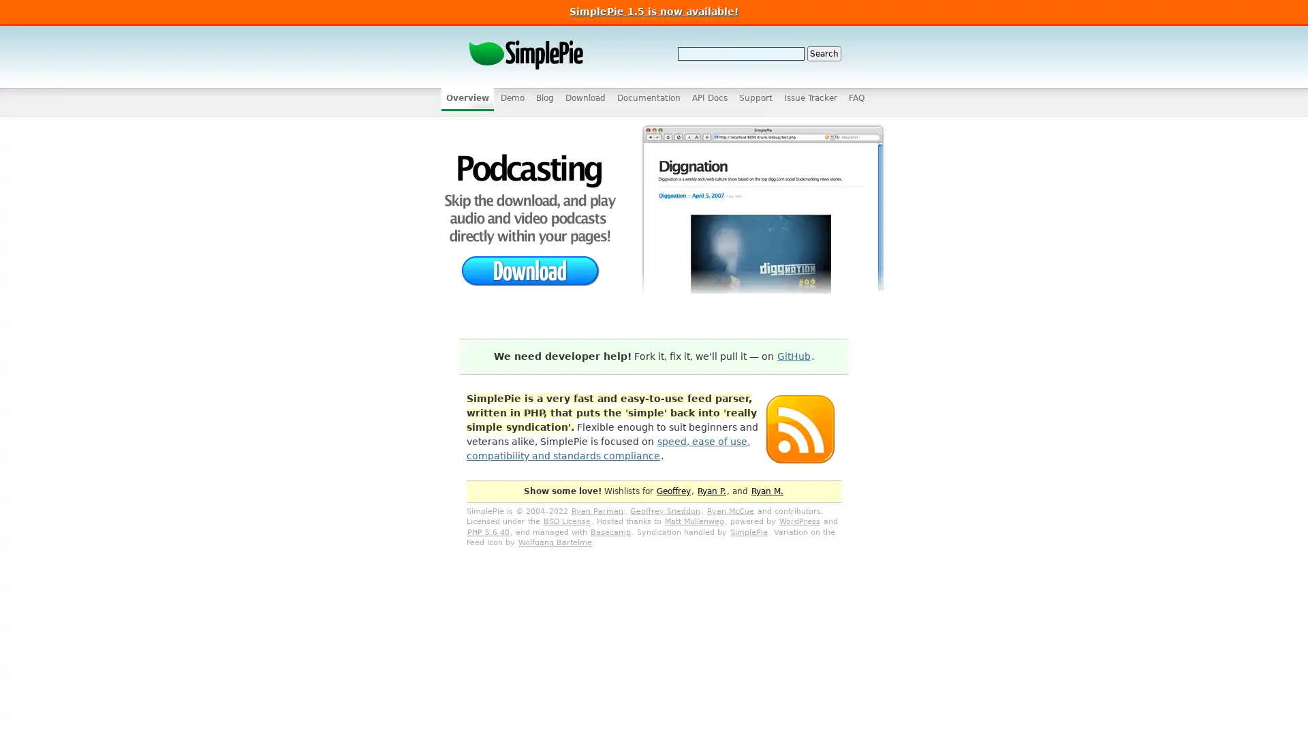  What do you see at coordinates (823, 52) in the screenshot?
I see `Search` at bounding box center [823, 52].